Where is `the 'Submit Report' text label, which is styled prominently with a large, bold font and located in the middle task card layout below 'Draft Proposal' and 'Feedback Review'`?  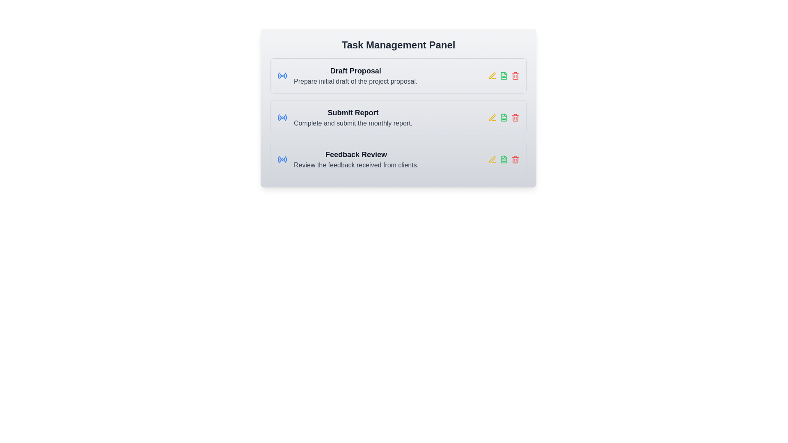 the 'Submit Report' text label, which is styled prominently with a large, bold font and located in the middle task card layout below 'Draft Proposal' and 'Feedback Review' is located at coordinates (353, 112).